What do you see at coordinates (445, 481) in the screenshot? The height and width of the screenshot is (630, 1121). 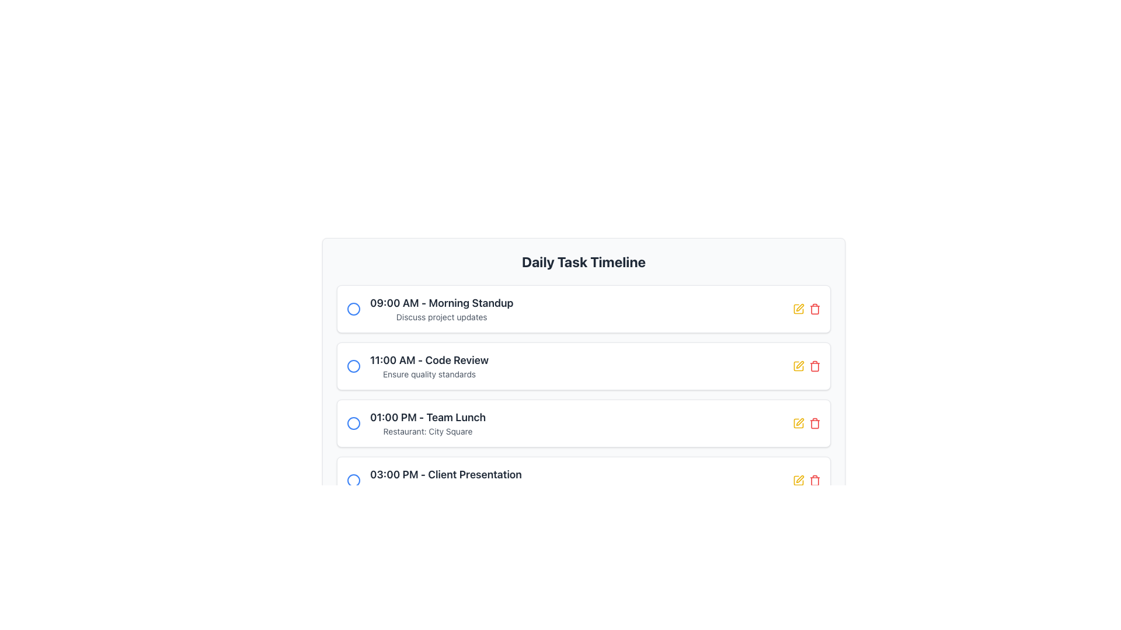 I see `the last entry in the 'Daily Task Timeline' section which represents a scheduled task for a client presentation event at 03:00 PM` at bounding box center [445, 481].